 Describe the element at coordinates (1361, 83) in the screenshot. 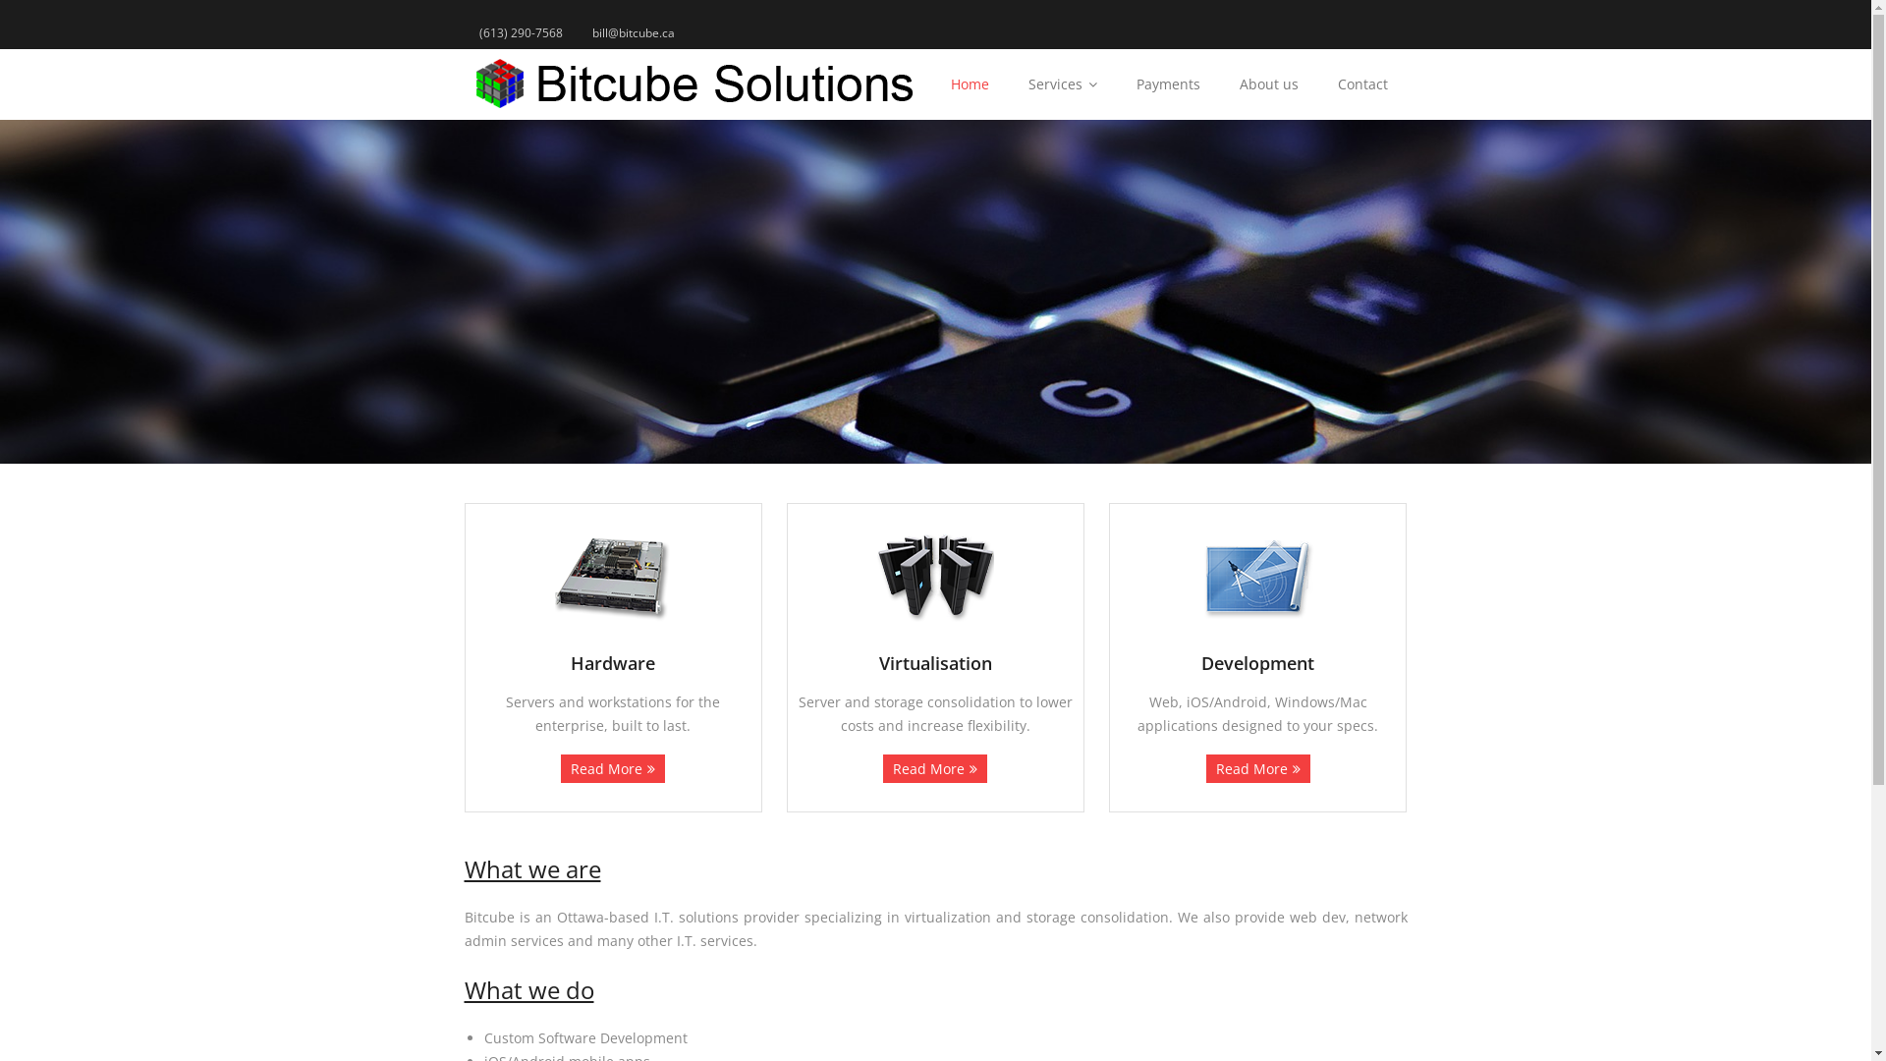

I see `'Contact'` at that location.